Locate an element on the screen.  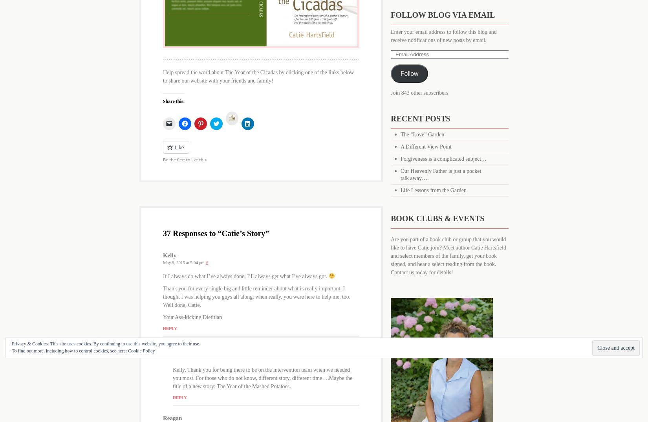
'Follow Blog via Email' is located at coordinates (443, 15).